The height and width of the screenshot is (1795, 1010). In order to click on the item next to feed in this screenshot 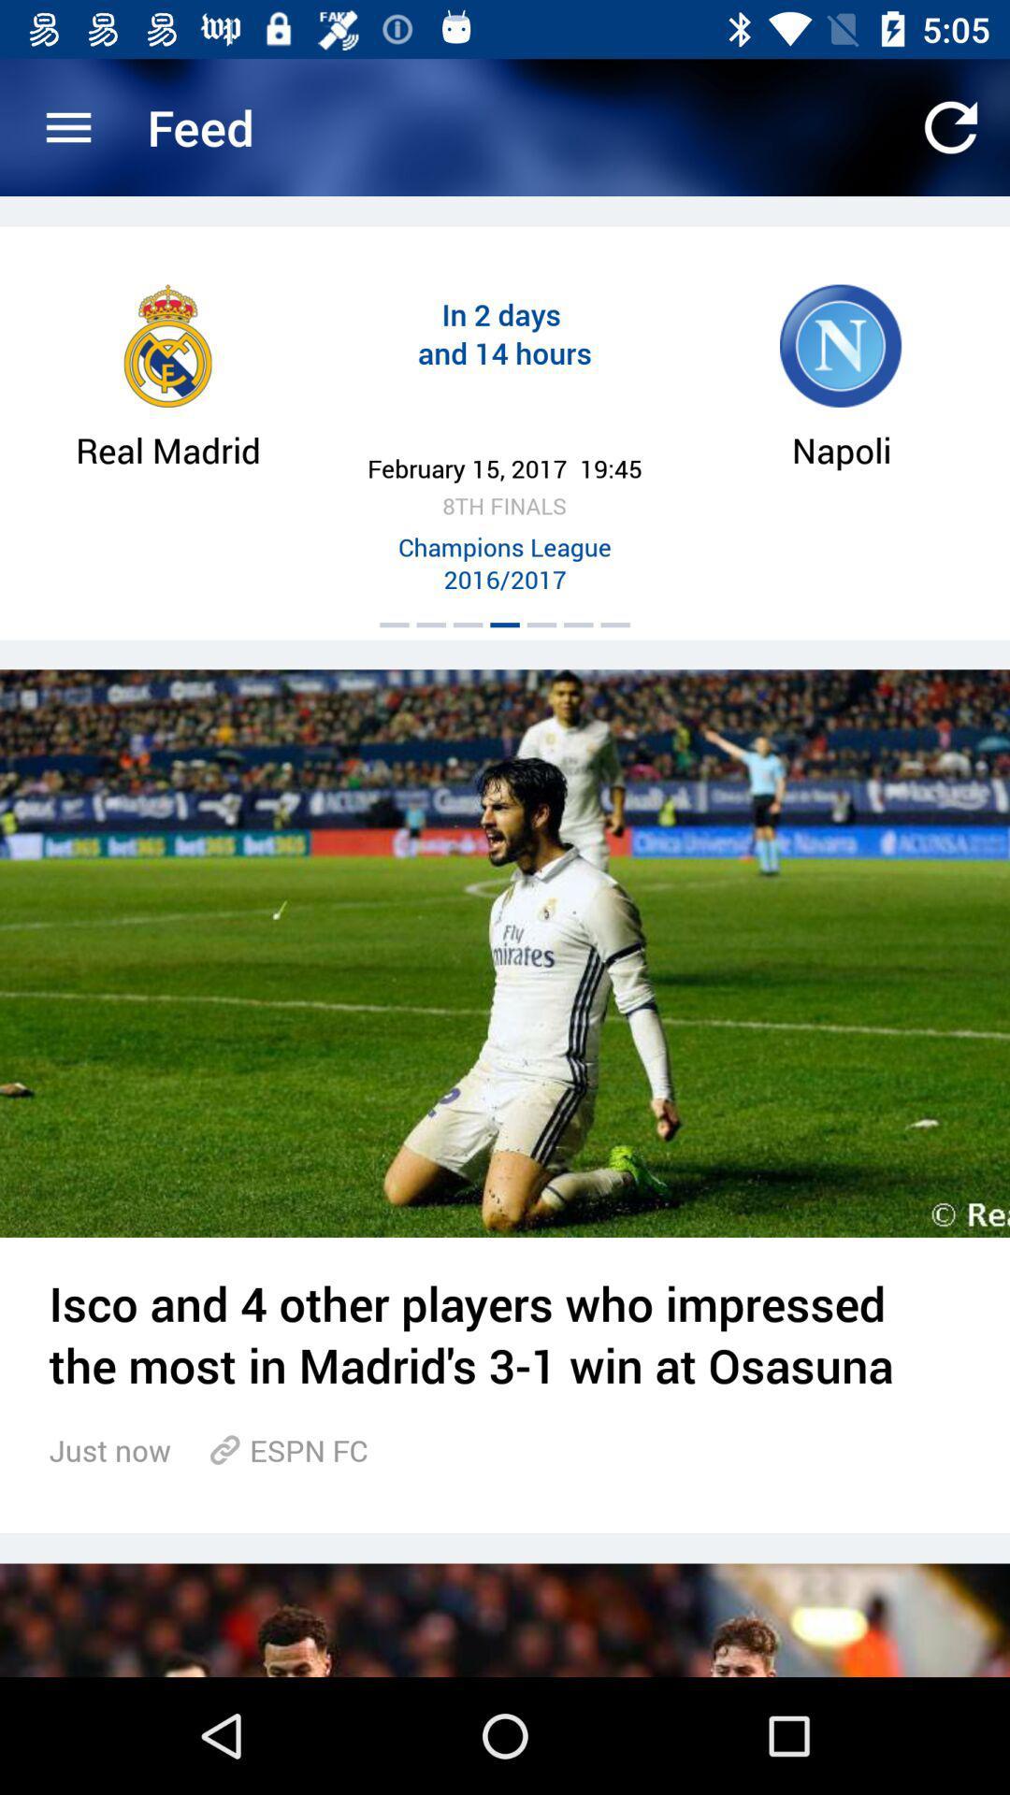, I will do `click(67, 126)`.